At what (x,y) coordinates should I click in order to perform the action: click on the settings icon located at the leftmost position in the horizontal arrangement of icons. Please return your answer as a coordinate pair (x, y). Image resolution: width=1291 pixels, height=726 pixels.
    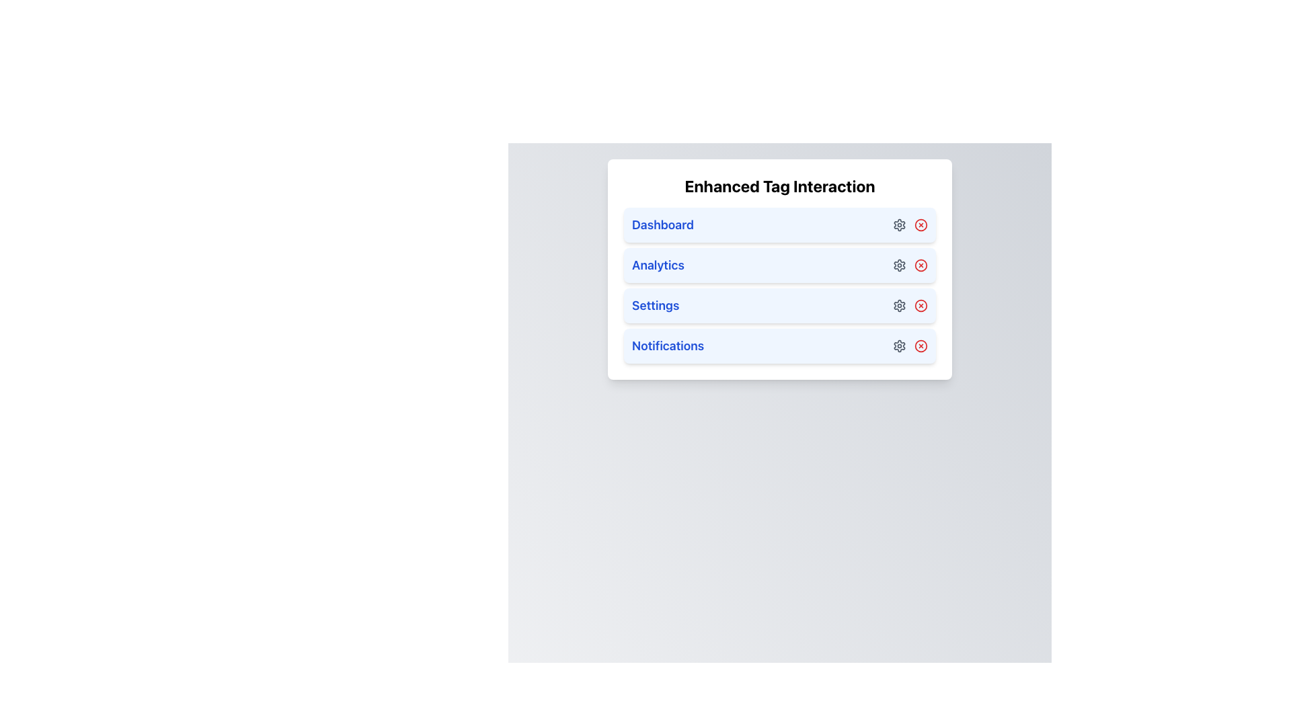
    Looking at the image, I should click on (900, 306).